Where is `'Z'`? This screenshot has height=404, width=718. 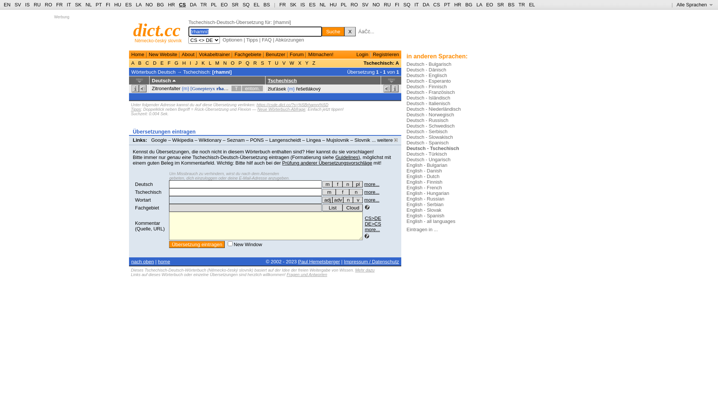
'Z' is located at coordinates (314, 62).